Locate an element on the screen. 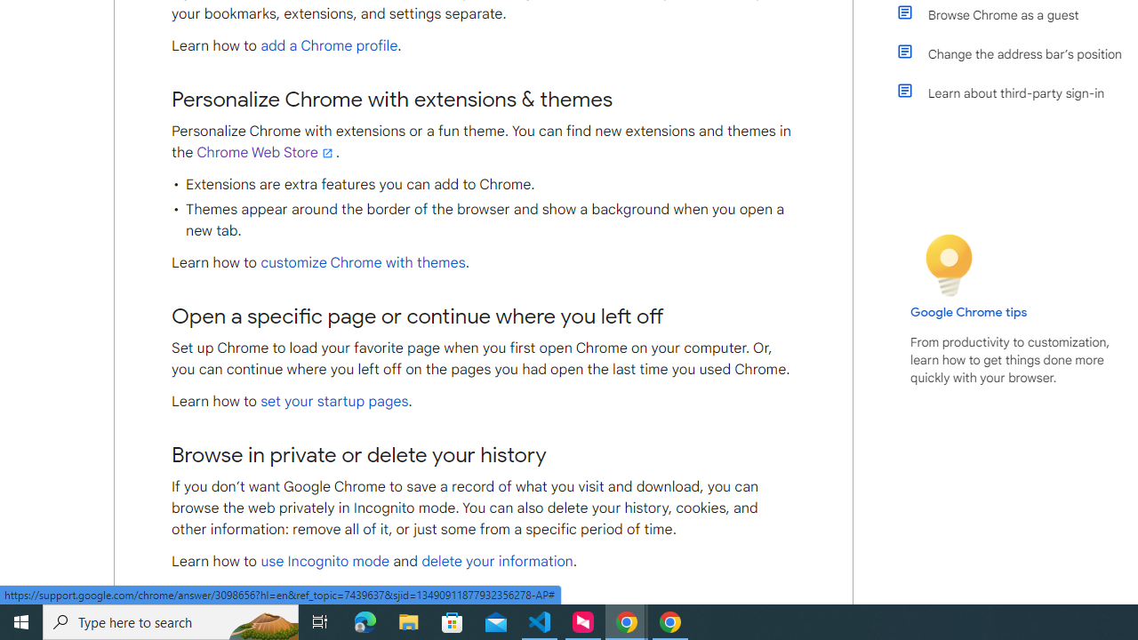 This screenshot has width=1138, height=640. 'Chrome Web Store' is located at coordinates (265, 152).